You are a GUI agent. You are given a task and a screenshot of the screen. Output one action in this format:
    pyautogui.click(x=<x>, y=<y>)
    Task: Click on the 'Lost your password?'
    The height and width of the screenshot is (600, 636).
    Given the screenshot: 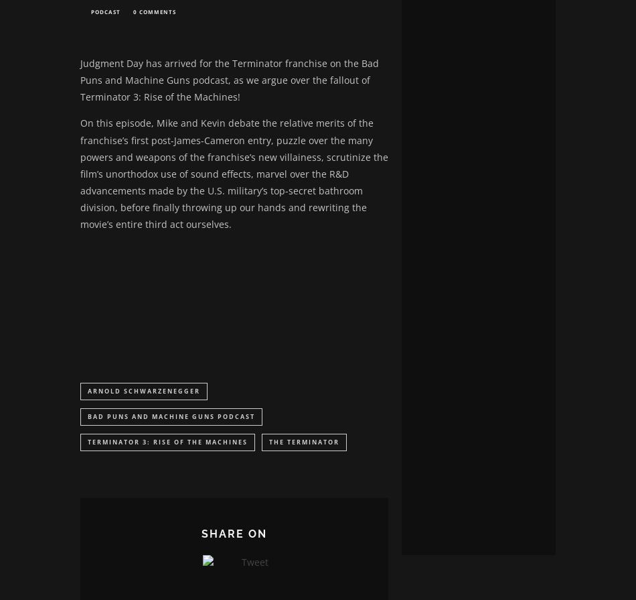 What is the action you would take?
    pyautogui.click(x=317, y=111)
    